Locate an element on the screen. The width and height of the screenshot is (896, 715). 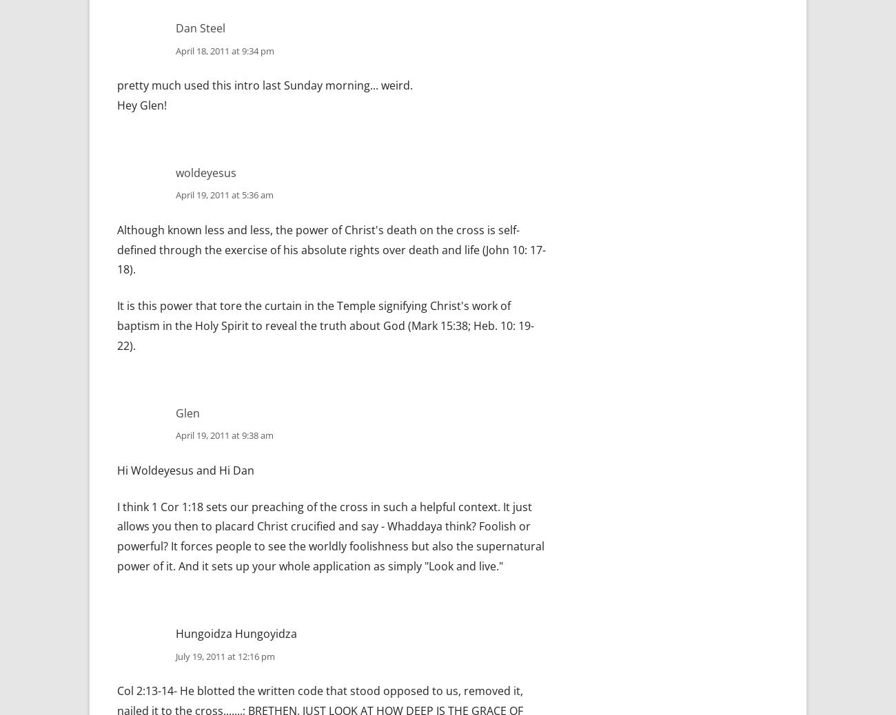
'pretty much used this intro last Sunday morning... weird.' is located at coordinates (265, 84).